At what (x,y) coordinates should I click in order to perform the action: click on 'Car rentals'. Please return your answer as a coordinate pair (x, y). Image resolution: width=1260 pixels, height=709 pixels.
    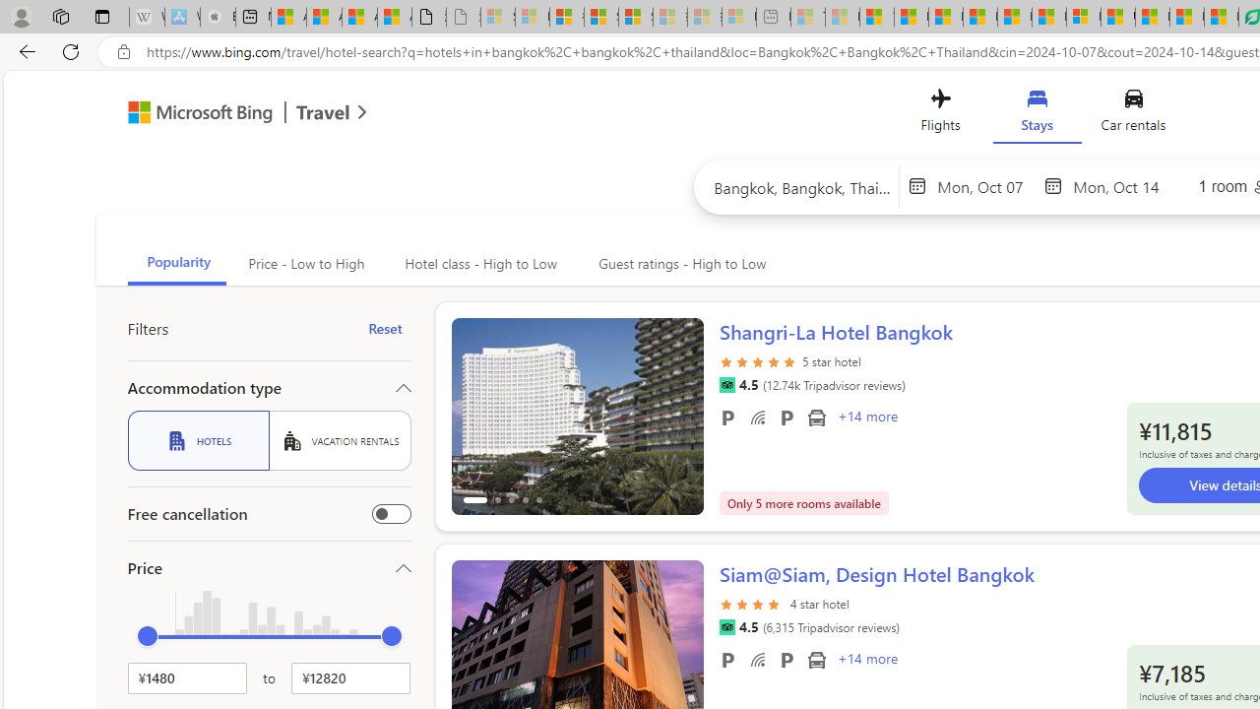
    Looking at the image, I should click on (1133, 115).